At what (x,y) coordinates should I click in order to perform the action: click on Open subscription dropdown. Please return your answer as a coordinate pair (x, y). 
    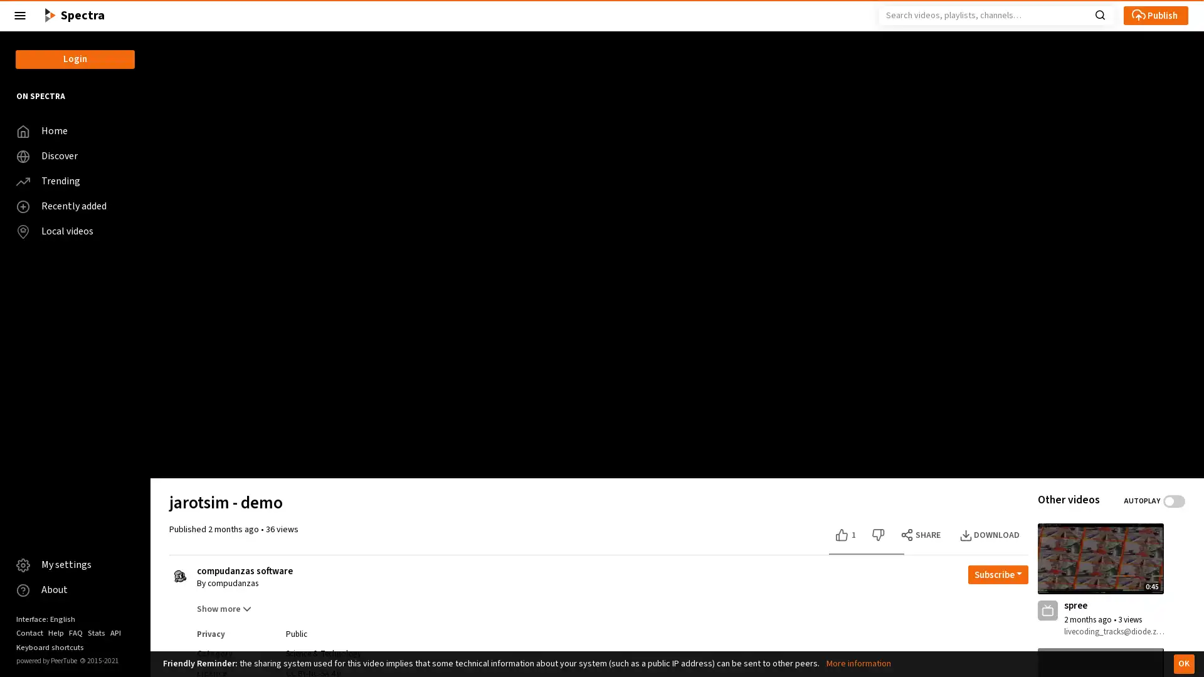
    Looking at the image, I should click on (998, 574).